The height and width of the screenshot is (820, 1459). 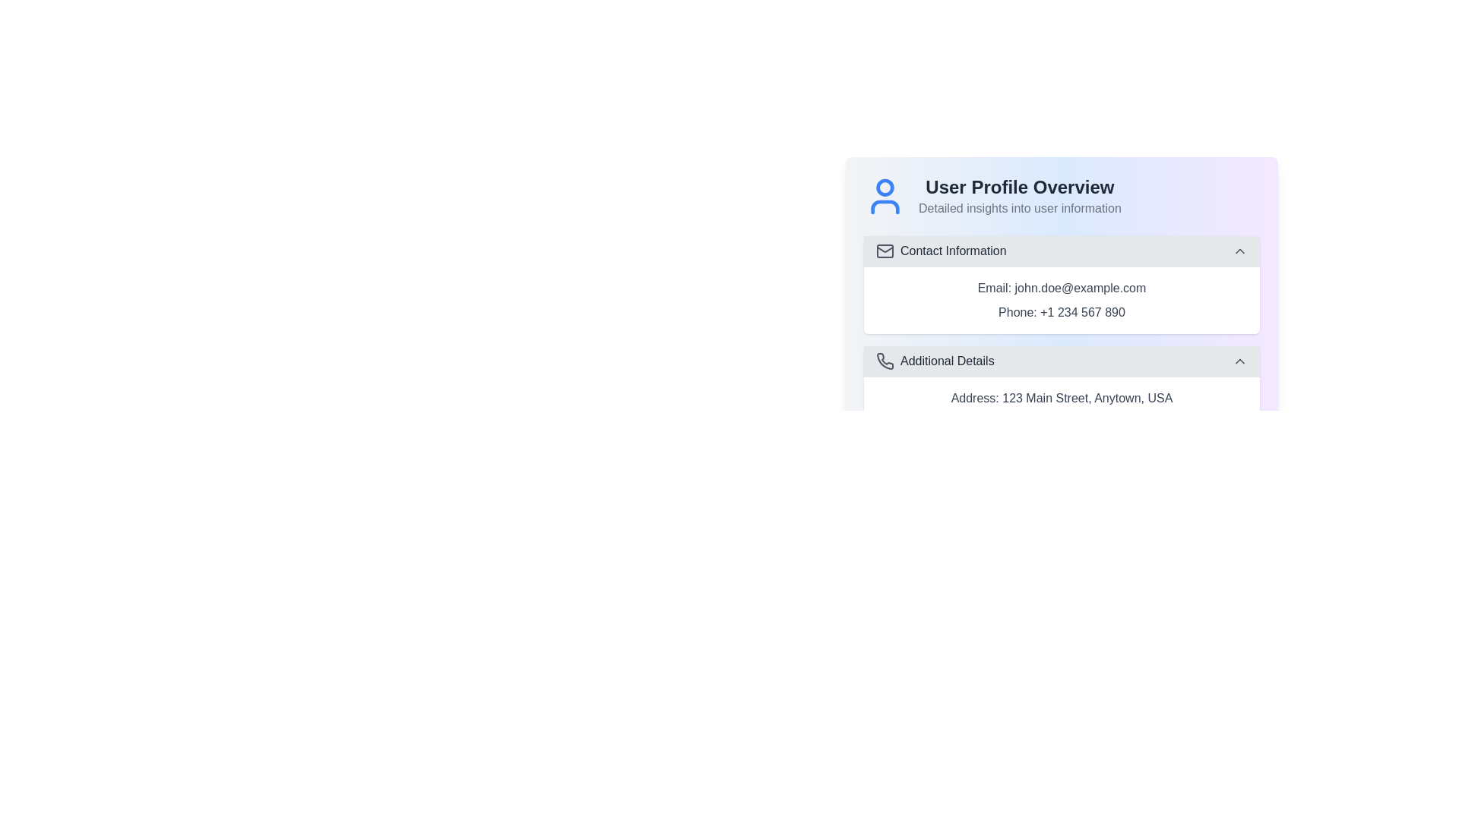 What do you see at coordinates (885, 195) in the screenshot?
I see `the blue-colored user profile avatar icon located in the top-left corner of the 'User Profile Overview' section` at bounding box center [885, 195].